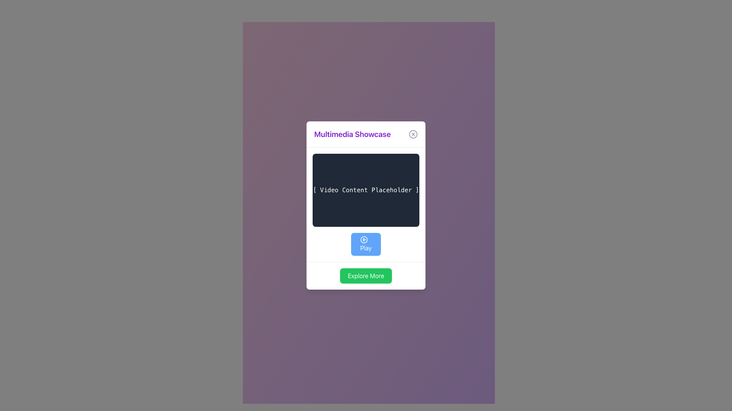 This screenshot has width=732, height=411. What do you see at coordinates (366, 190) in the screenshot?
I see `the static visual placeholder containing the text '[ Video Content Placeholder ]' in a monospaced font, which is located in the upper portion of a white card UI component` at bounding box center [366, 190].